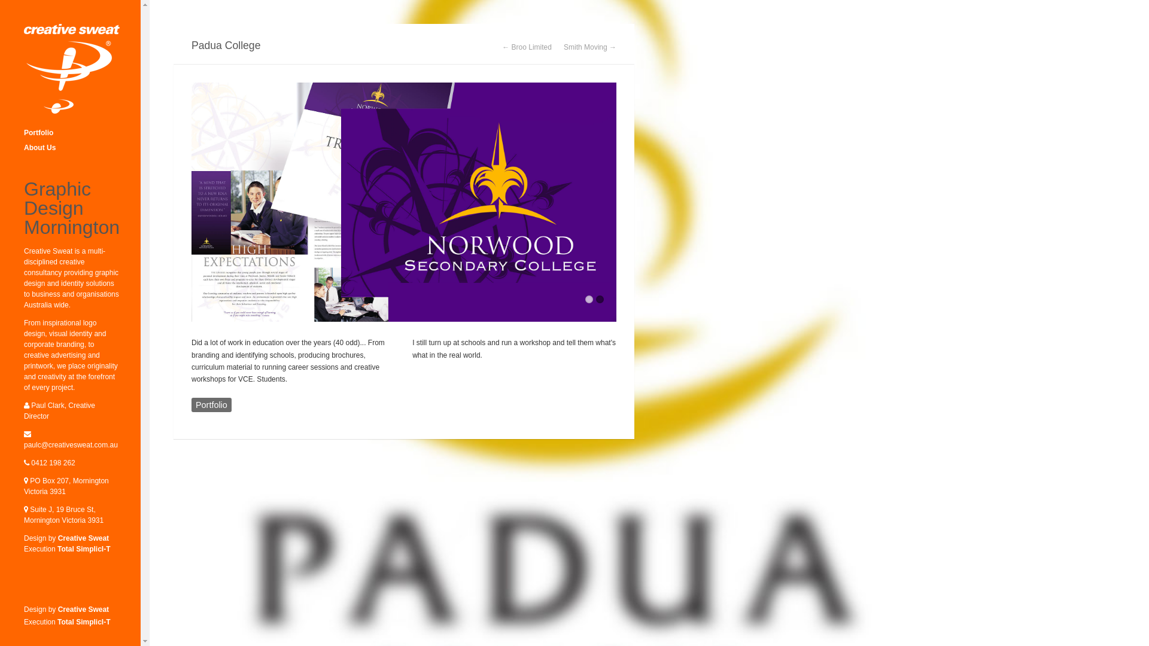 The width and height of the screenshot is (1149, 646). What do you see at coordinates (83, 537) in the screenshot?
I see `'Creative Sweat'` at bounding box center [83, 537].